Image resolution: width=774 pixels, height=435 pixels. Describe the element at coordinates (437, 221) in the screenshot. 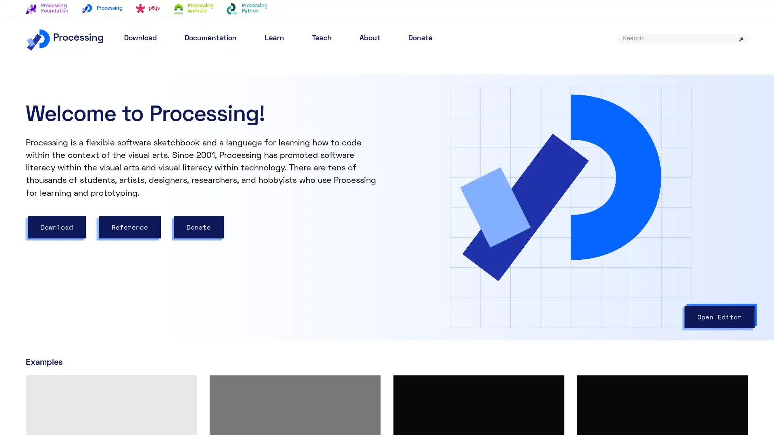

I see `change position` at that location.